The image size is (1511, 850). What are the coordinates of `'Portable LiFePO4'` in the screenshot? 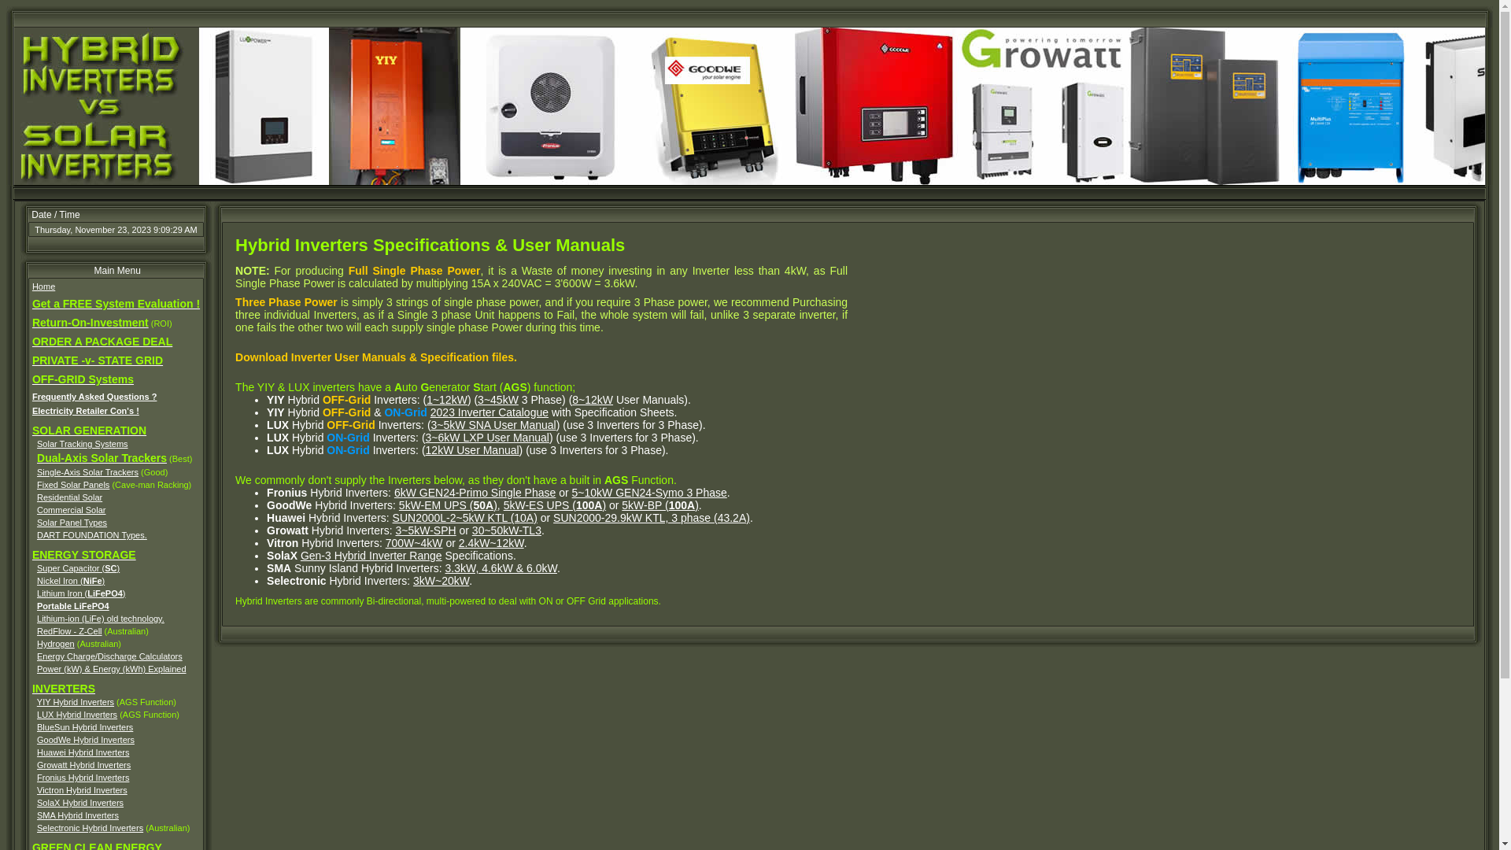 It's located at (37, 605).